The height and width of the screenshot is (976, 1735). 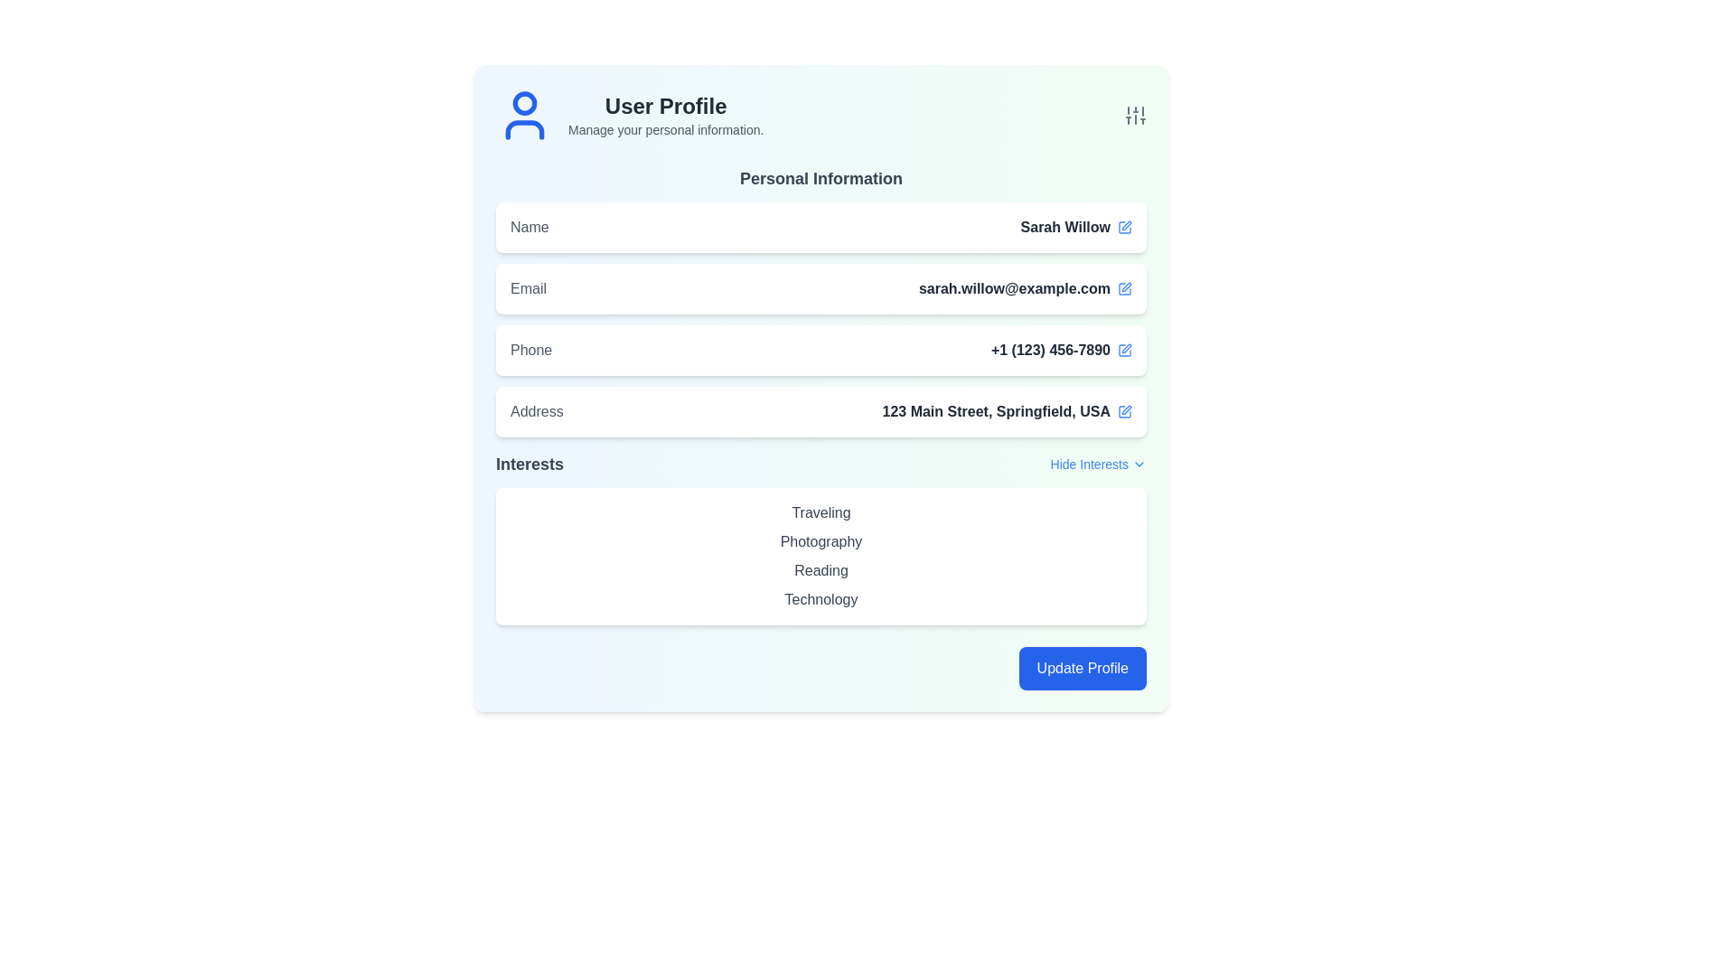 I want to click on the edit icon located on the right-hand side of the 'Phone' field to modify its content, so click(x=1123, y=351).